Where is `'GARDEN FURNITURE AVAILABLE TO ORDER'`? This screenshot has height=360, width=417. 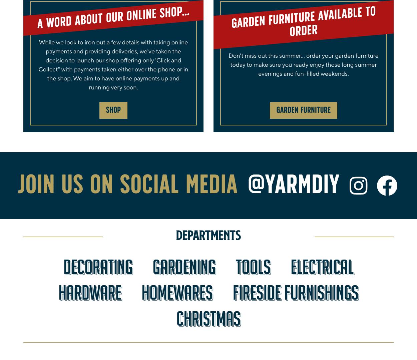
'GARDEN FURNITURE AVAILABLE TO ORDER' is located at coordinates (231, 22).